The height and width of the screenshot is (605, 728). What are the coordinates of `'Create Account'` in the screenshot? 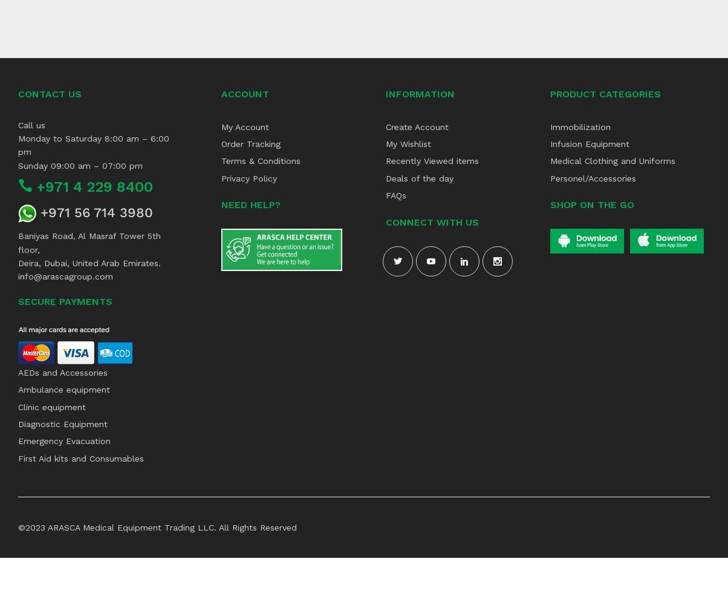 It's located at (417, 126).